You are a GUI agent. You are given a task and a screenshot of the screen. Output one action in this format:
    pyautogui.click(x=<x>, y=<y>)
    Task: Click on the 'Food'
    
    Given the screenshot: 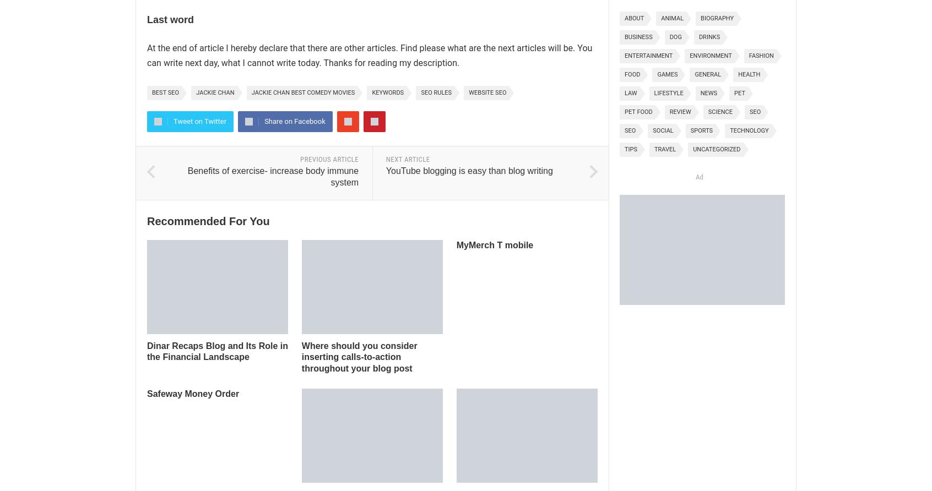 What is the action you would take?
    pyautogui.click(x=632, y=73)
    